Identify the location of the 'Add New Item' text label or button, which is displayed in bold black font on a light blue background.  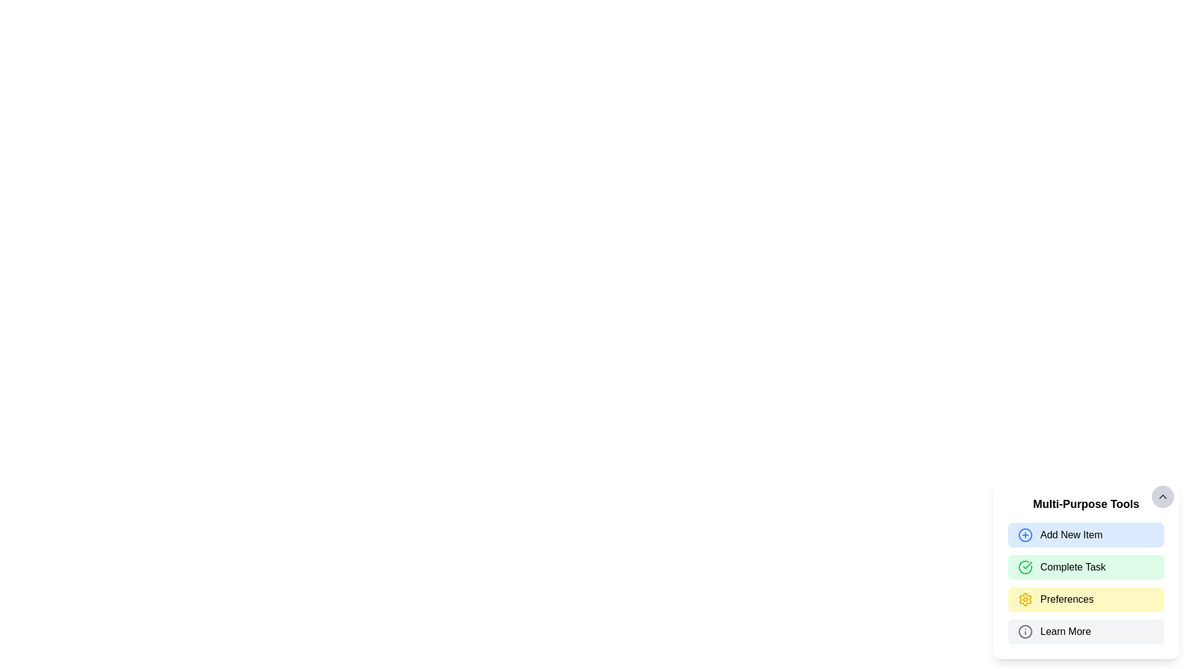
(1071, 535).